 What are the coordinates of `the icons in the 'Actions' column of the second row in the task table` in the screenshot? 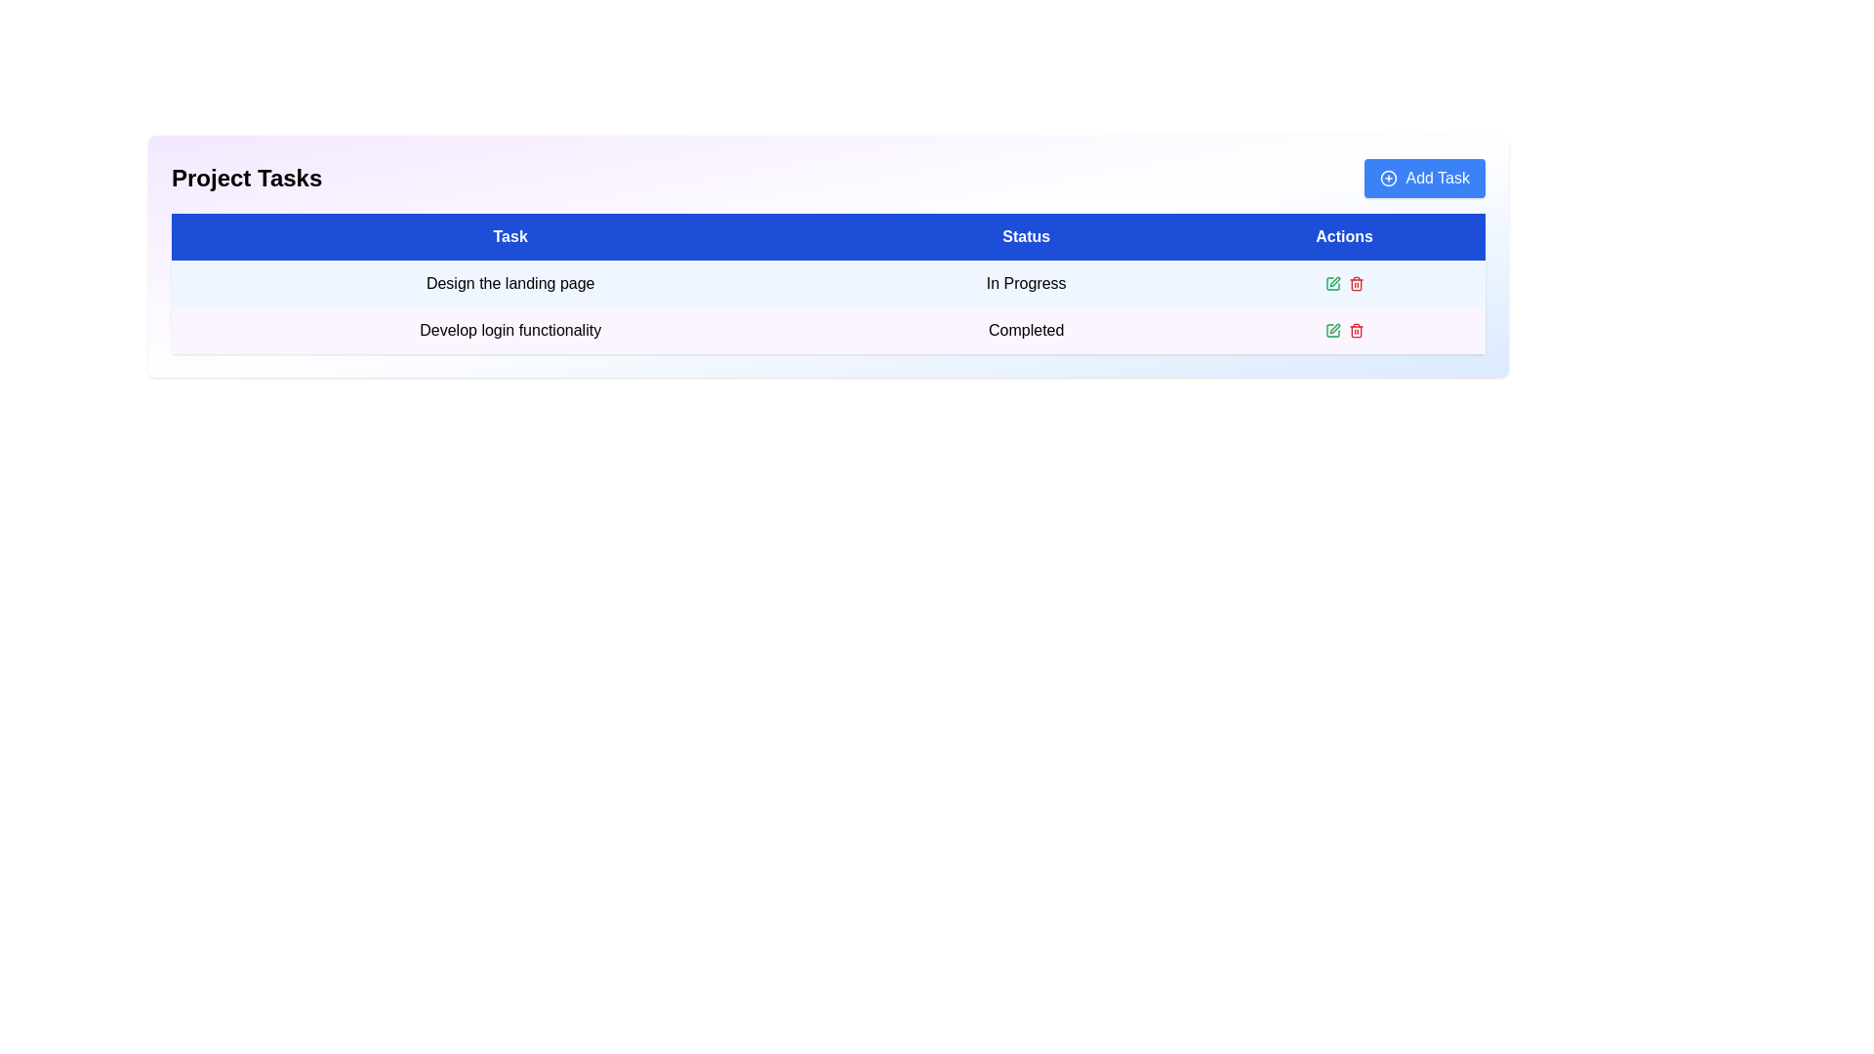 It's located at (1343, 330).